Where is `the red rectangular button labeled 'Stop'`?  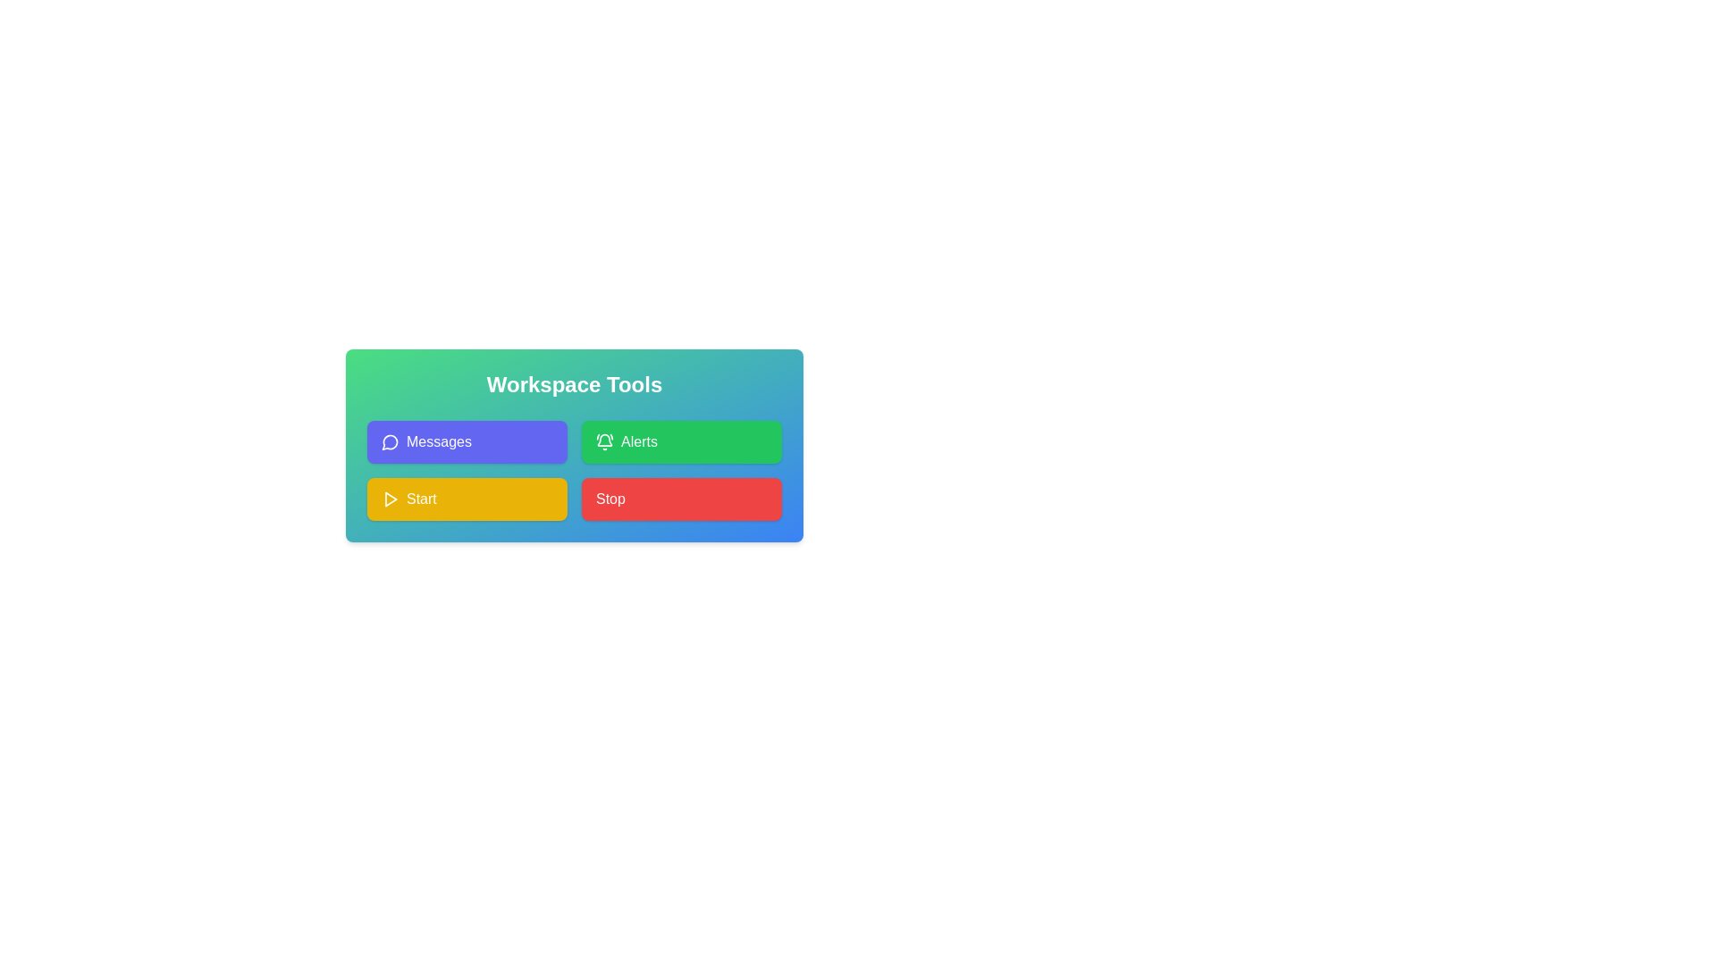 the red rectangular button labeled 'Stop' is located at coordinates (681, 499).